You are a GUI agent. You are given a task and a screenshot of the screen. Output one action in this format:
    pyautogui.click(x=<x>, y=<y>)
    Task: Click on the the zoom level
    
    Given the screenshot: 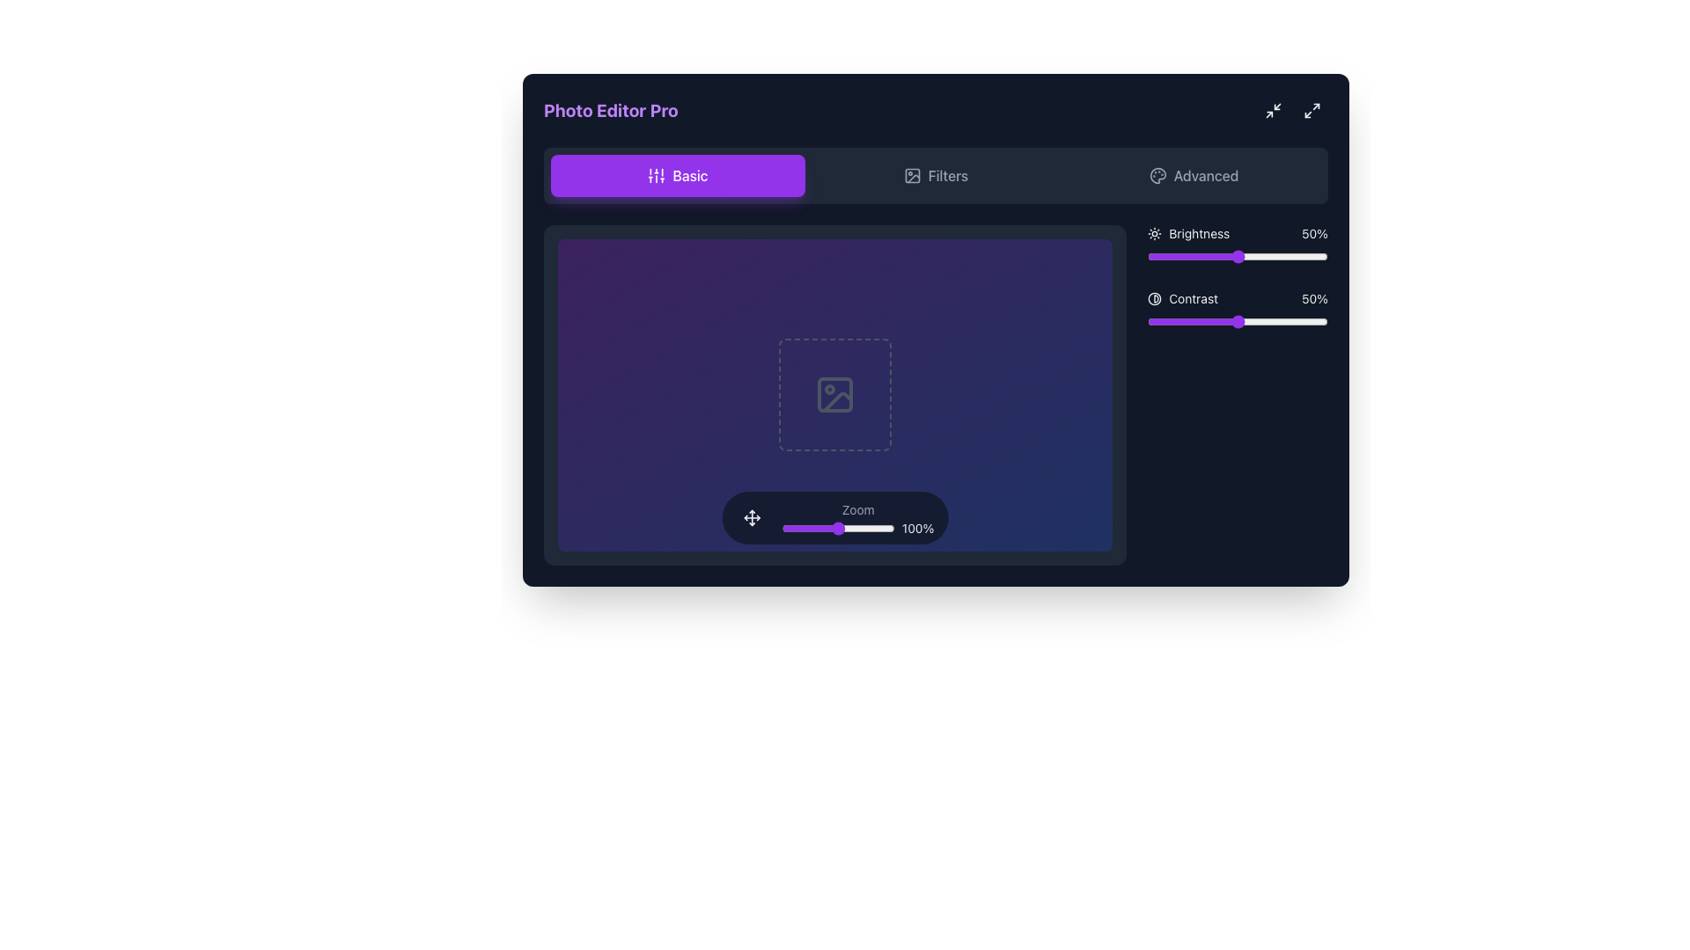 What is the action you would take?
    pyautogui.click(x=865, y=527)
    